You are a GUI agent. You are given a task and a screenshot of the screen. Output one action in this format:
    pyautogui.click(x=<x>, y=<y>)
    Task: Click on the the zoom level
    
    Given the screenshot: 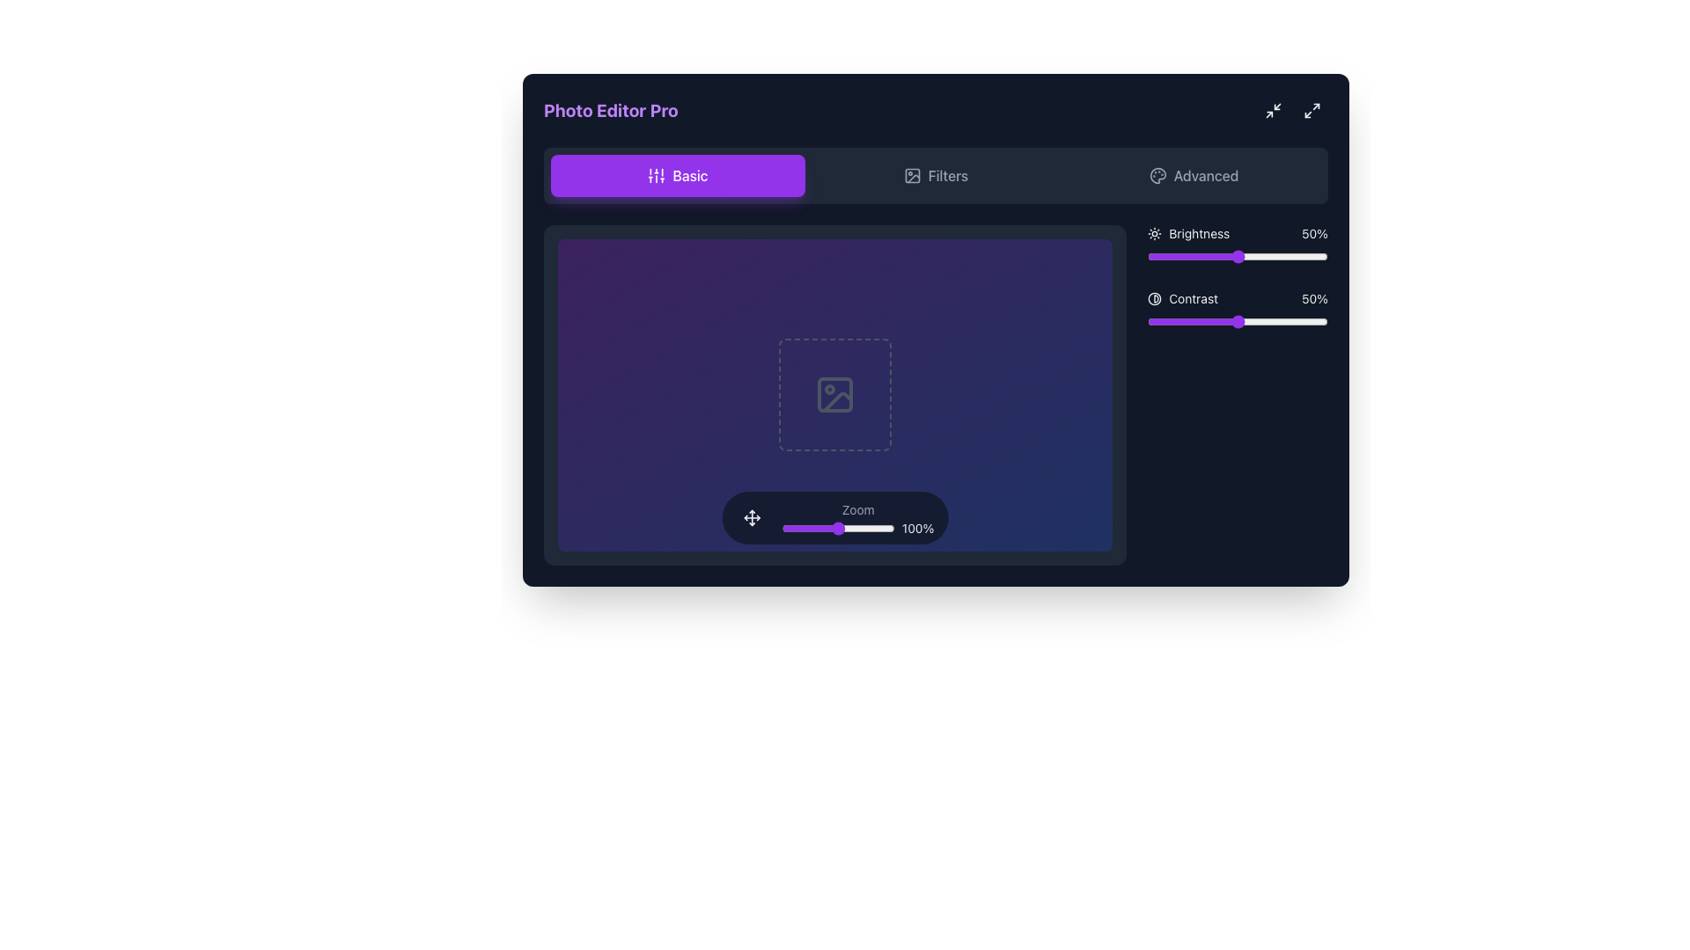 What is the action you would take?
    pyautogui.click(x=865, y=527)
    